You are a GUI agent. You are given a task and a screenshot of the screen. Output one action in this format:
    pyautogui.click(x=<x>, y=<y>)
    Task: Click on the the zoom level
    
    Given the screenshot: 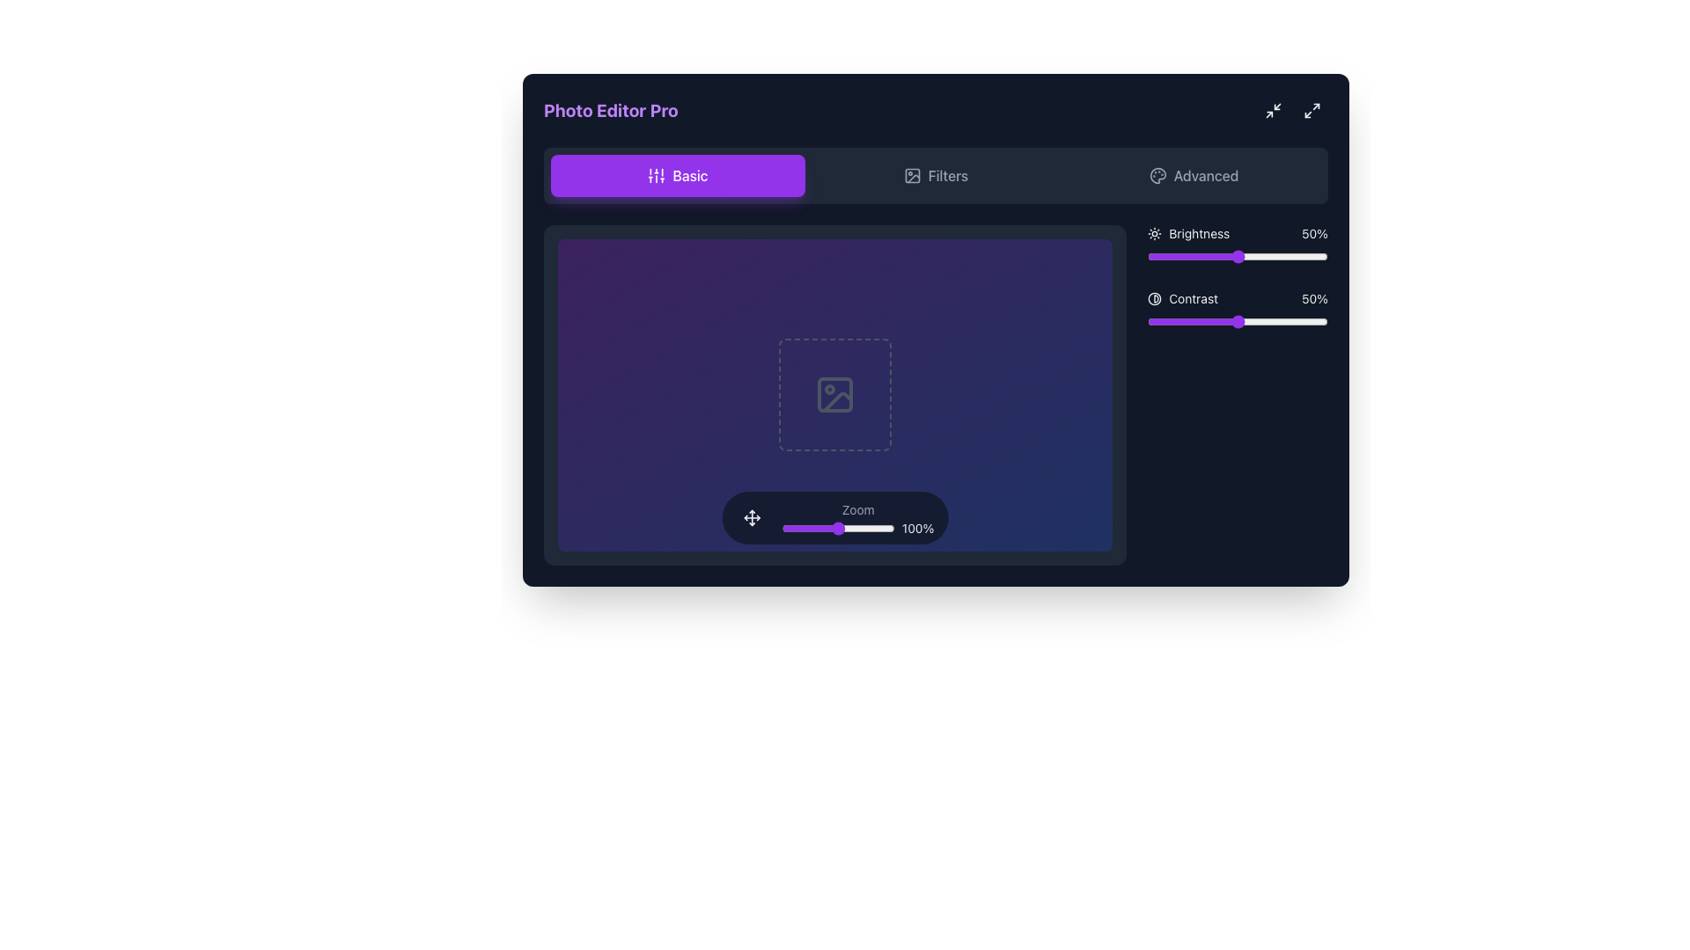 What is the action you would take?
    pyautogui.click(x=865, y=527)
    